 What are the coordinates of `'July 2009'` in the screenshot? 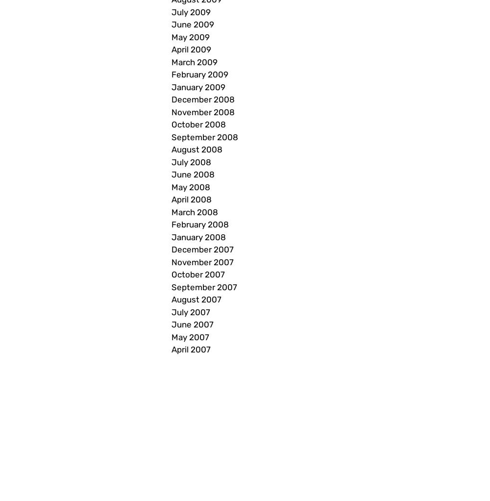 It's located at (171, 11).